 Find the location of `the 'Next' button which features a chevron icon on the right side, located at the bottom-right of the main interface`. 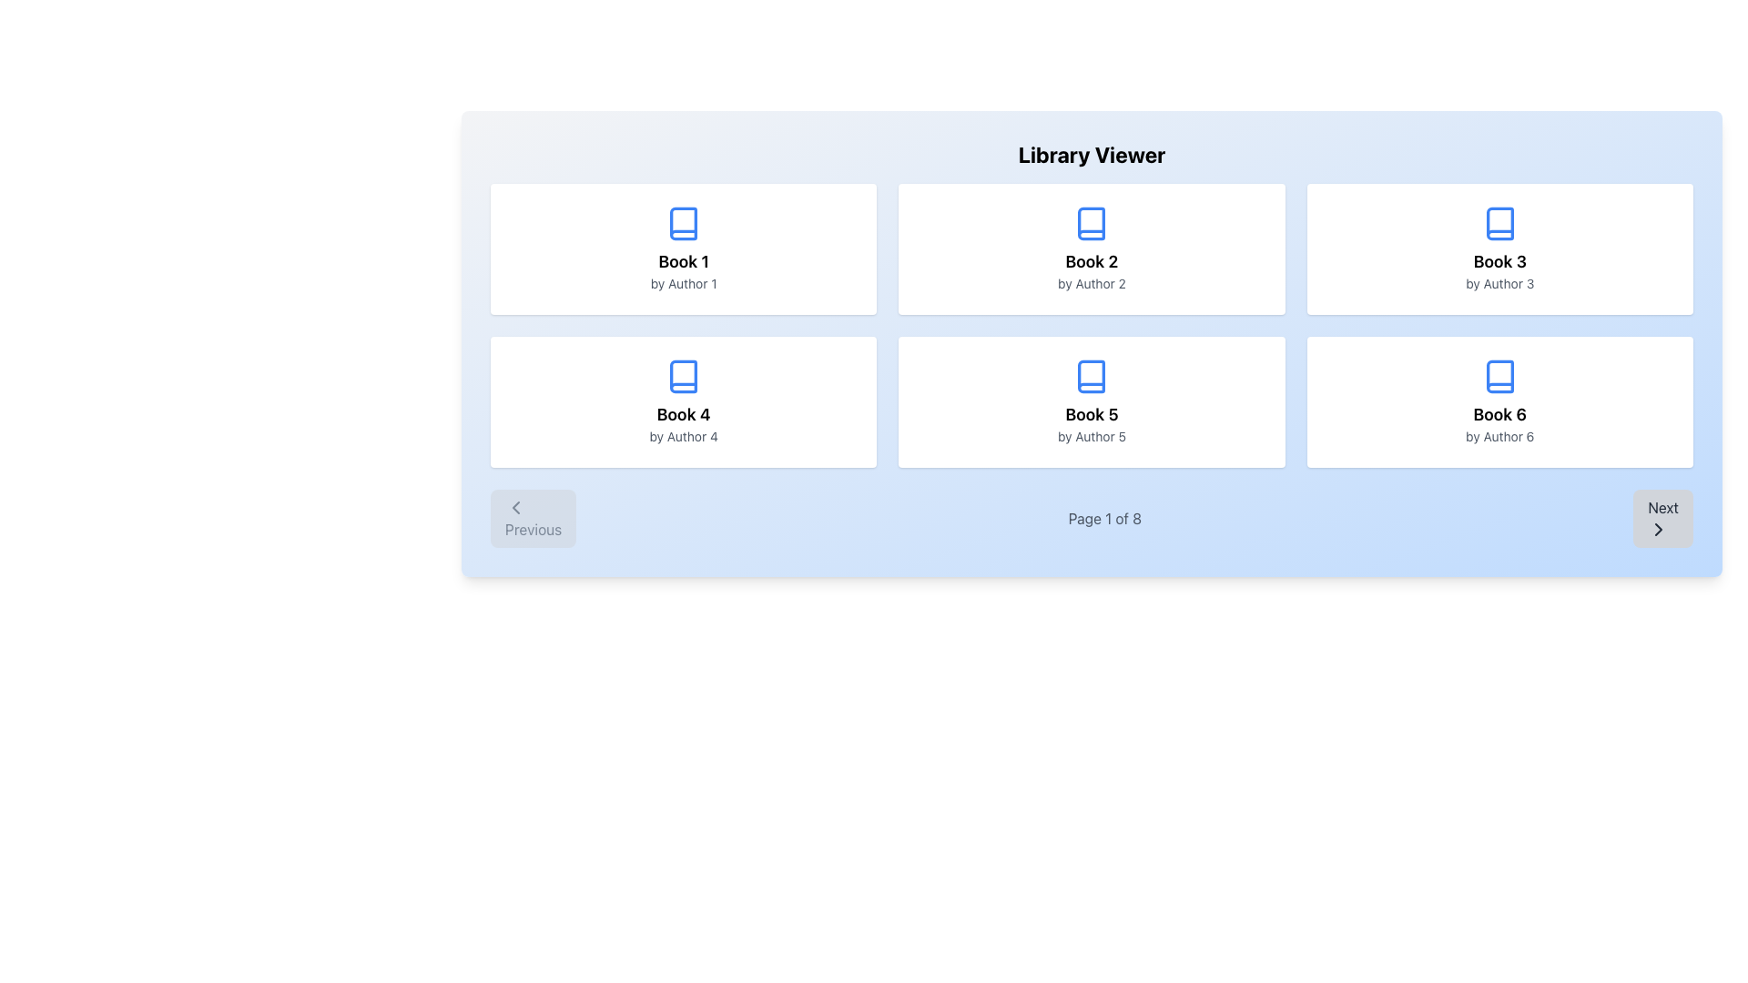

the 'Next' button which features a chevron icon on the right side, located at the bottom-right of the main interface is located at coordinates (1659, 530).